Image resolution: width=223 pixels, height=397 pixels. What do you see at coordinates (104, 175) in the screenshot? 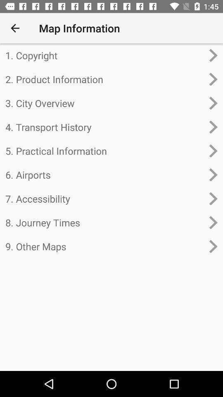
I see `the icon below 5. practical information item` at bounding box center [104, 175].